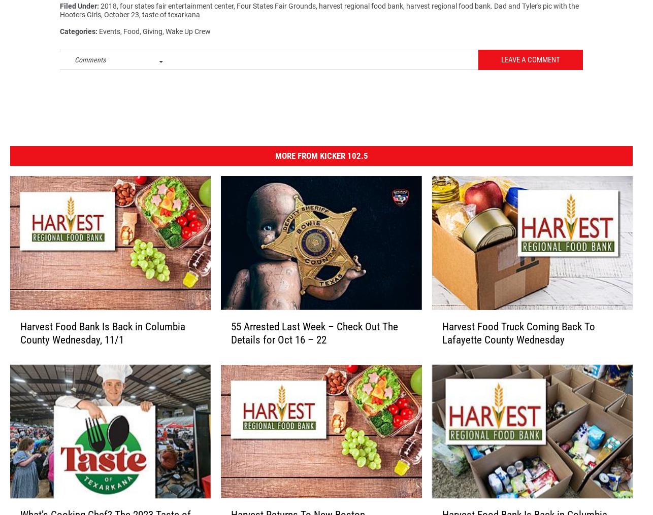  Describe the element at coordinates (320, 159) in the screenshot. I see `'More From Kicker 102.5'` at that location.